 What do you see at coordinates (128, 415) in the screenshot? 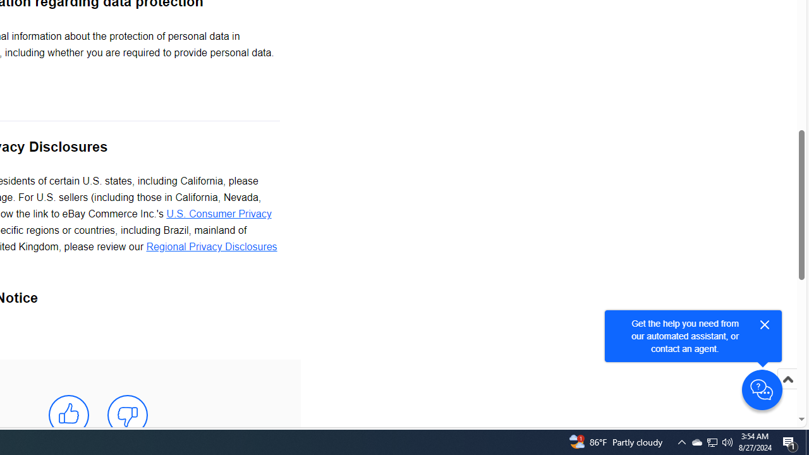
I see `'mark this article not helpful'` at bounding box center [128, 415].